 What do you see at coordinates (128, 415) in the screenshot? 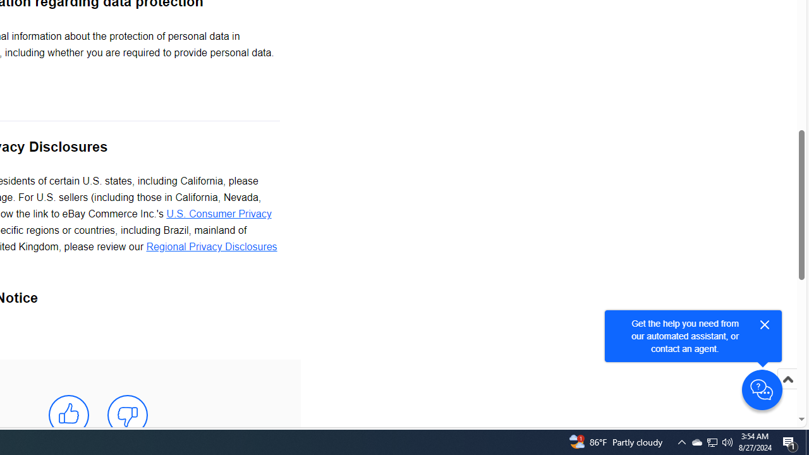
I see `'mark this article not helpful'` at bounding box center [128, 415].